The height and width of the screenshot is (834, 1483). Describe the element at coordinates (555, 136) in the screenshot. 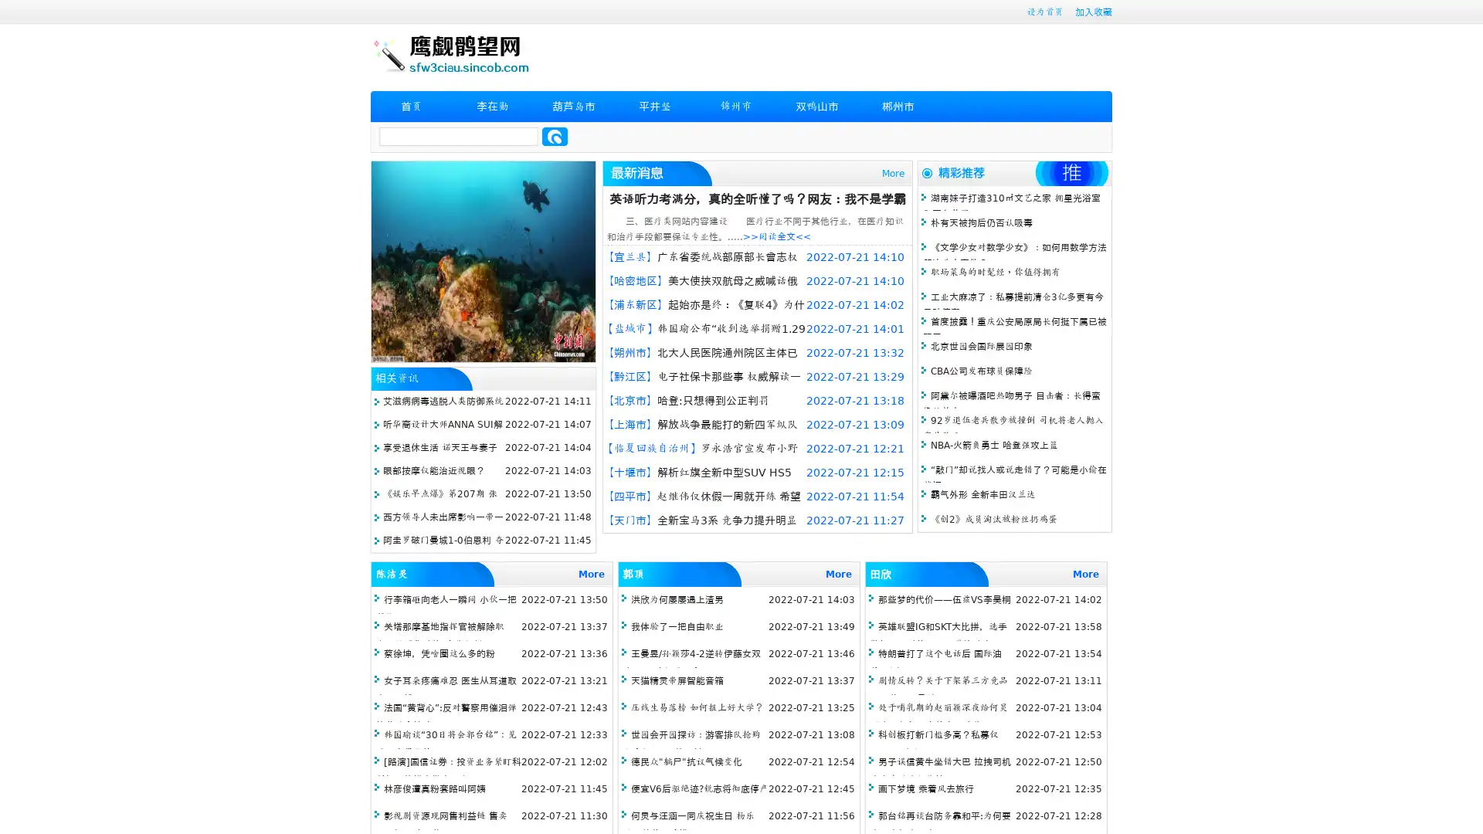

I see `Search` at that location.